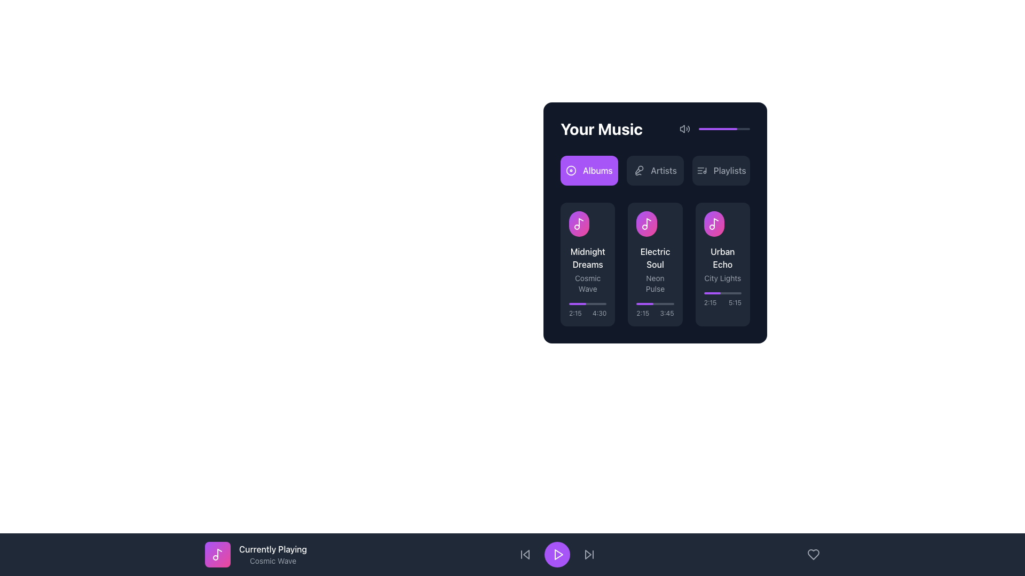  What do you see at coordinates (813, 554) in the screenshot?
I see `the heart-shaped icon button located on the far right of the bottom horizontal bar to favorite the item` at bounding box center [813, 554].